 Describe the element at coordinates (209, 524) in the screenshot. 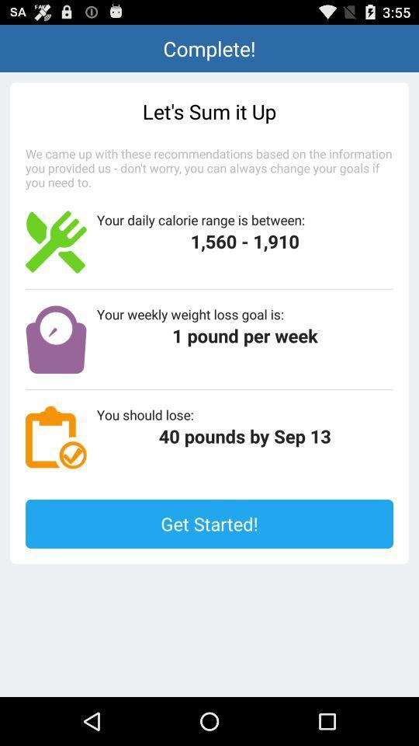

I see `the get started!` at that location.